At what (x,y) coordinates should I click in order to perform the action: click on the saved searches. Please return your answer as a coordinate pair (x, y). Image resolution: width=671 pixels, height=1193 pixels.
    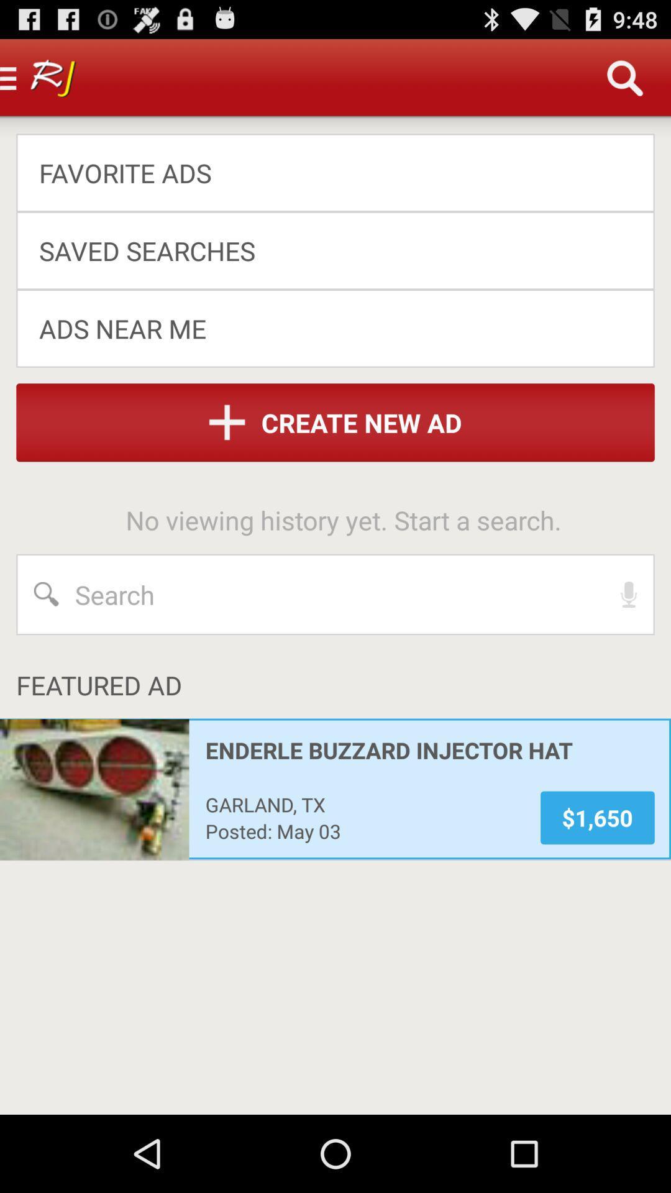
    Looking at the image, I should click on (326, 250).